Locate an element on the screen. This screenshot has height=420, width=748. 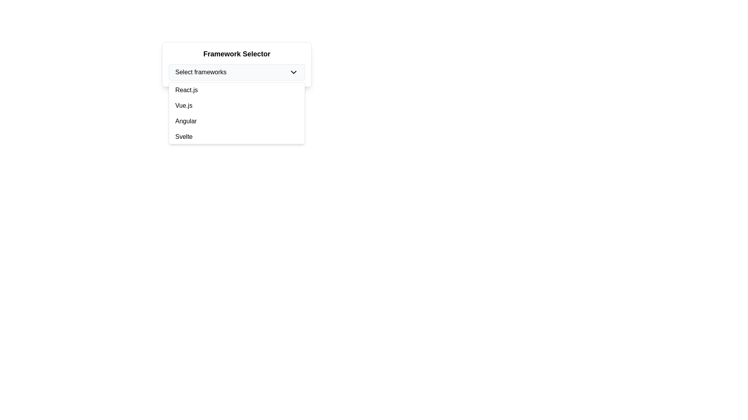
the first item in the dropdown menu labeled 'React.js' is located at coordinates (236, 89).